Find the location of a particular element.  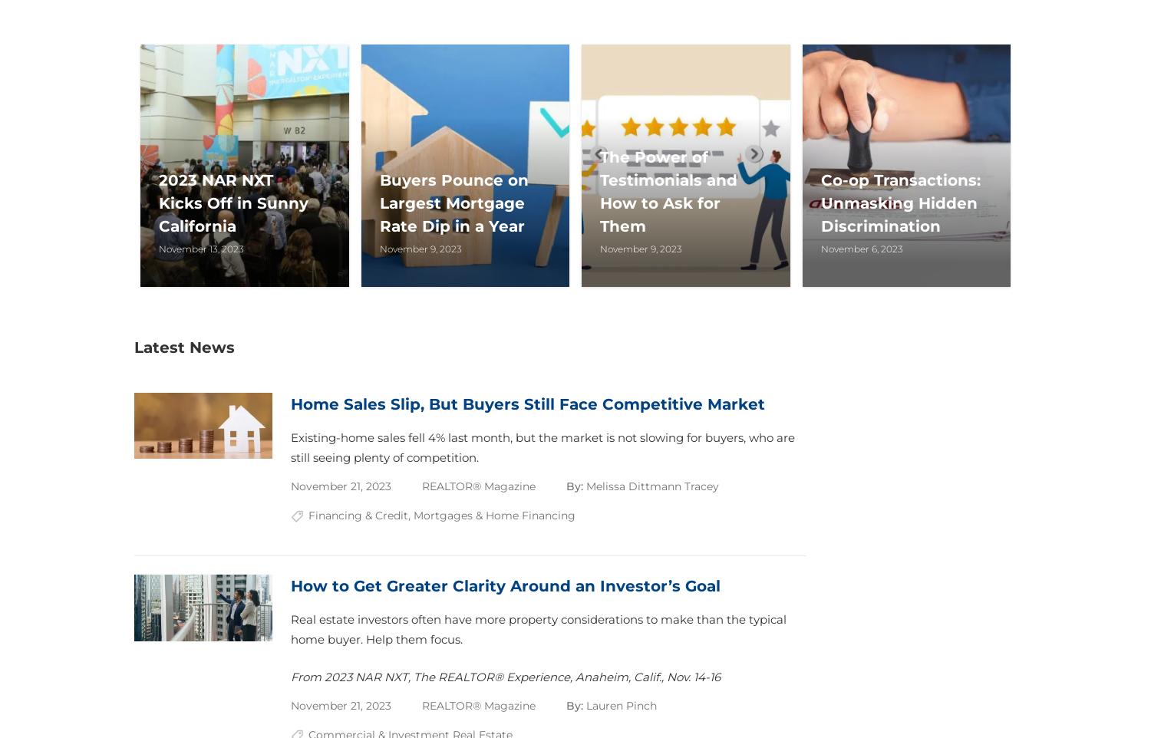

'Melissa Dittmann Tracey' is located at coordinates (585, 485).